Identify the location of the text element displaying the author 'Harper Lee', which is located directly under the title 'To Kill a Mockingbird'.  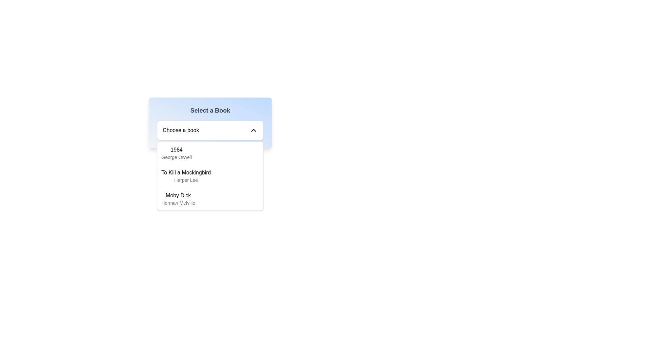
(186, 180).